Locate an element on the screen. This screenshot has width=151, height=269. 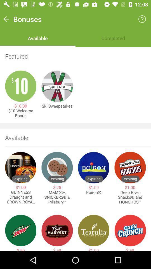
the icon next to m m s icon is located at coordinates (20, 197).